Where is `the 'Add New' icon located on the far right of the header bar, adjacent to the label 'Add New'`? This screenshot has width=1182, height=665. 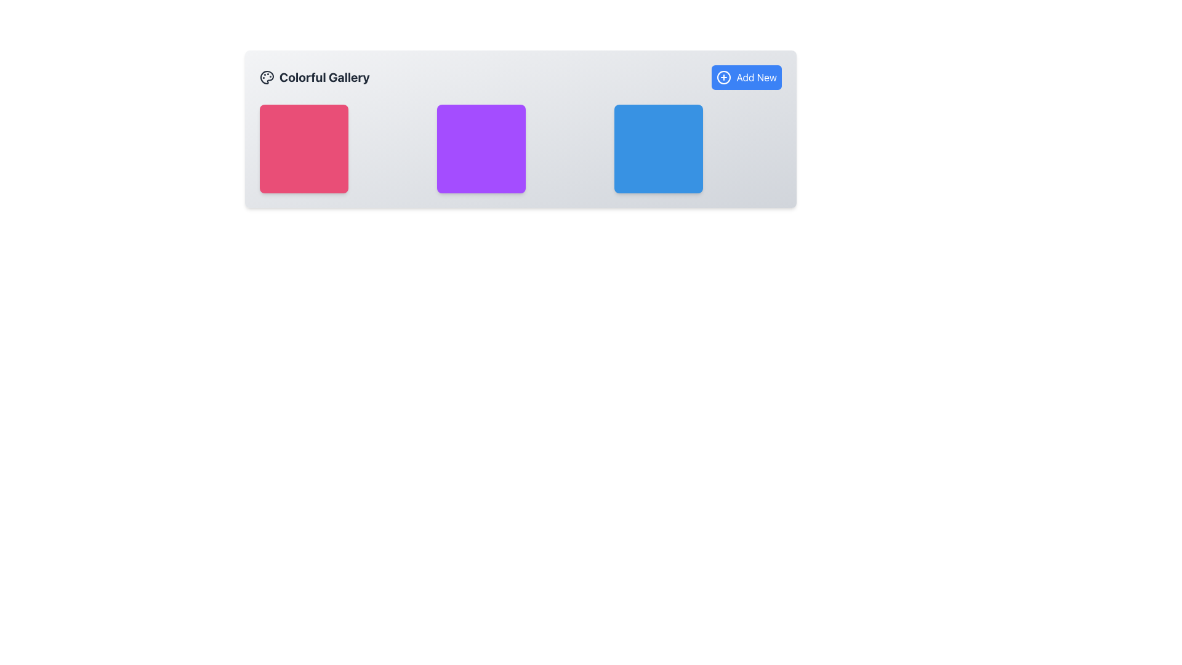
the 'Add New' icon located on the far right of the header bar, adjacent to the label 'Add New' is located at coordinates (724, 78).